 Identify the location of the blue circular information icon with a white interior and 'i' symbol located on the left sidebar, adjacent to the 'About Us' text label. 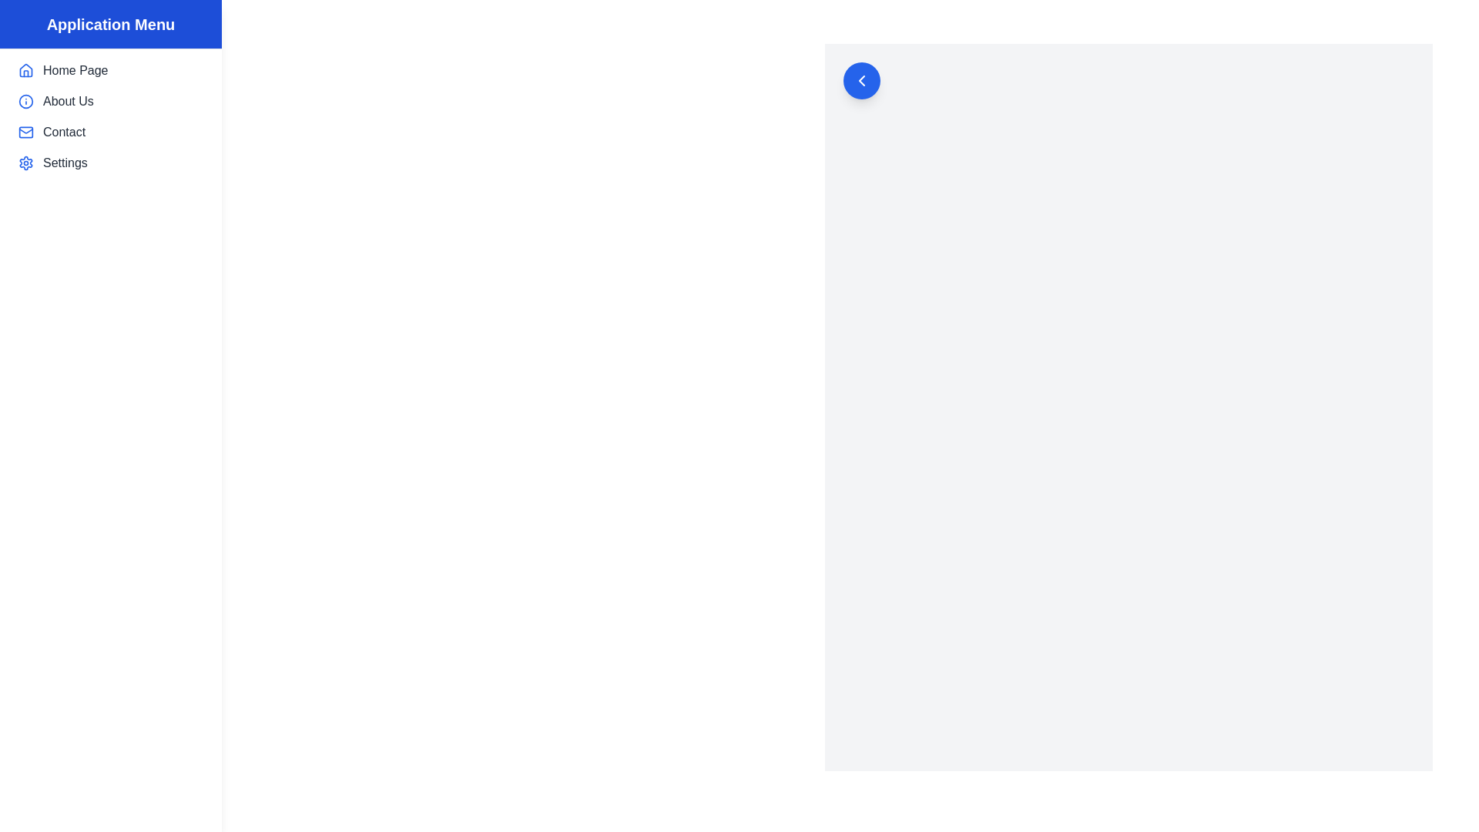
(25, 101).